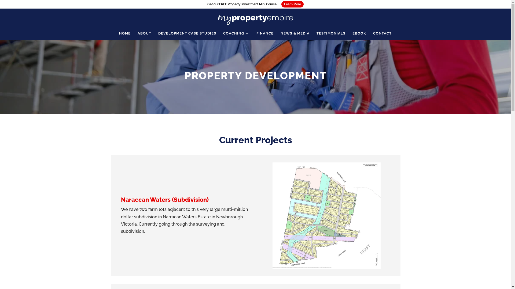 This screenshot has width=515, height=289. I want to click on 'Learn More', so click(292, 4).